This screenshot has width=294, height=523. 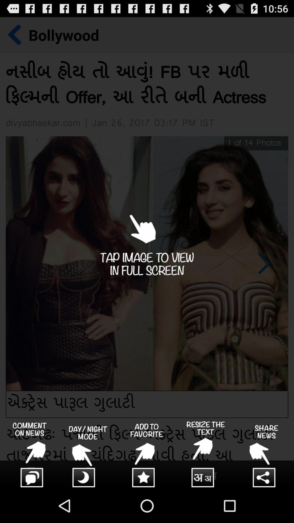 I want to click on comment box, so click(x=29, y=455).